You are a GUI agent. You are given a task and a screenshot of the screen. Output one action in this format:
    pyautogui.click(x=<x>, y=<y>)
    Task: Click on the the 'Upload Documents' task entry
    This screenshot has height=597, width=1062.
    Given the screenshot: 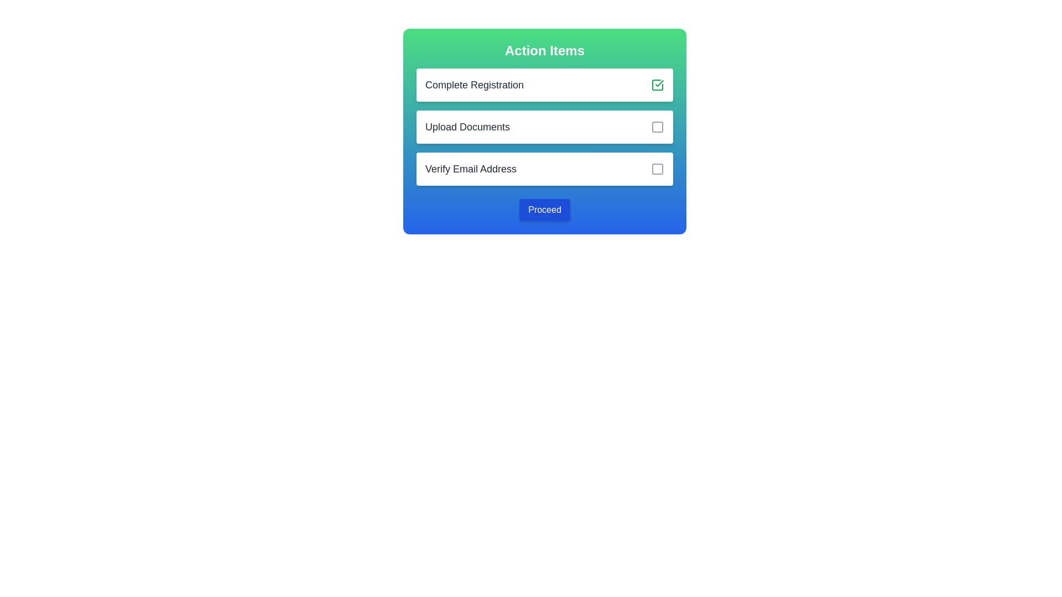 What is the action you would take?
    pyautogui.click(x=544, y=131)
    